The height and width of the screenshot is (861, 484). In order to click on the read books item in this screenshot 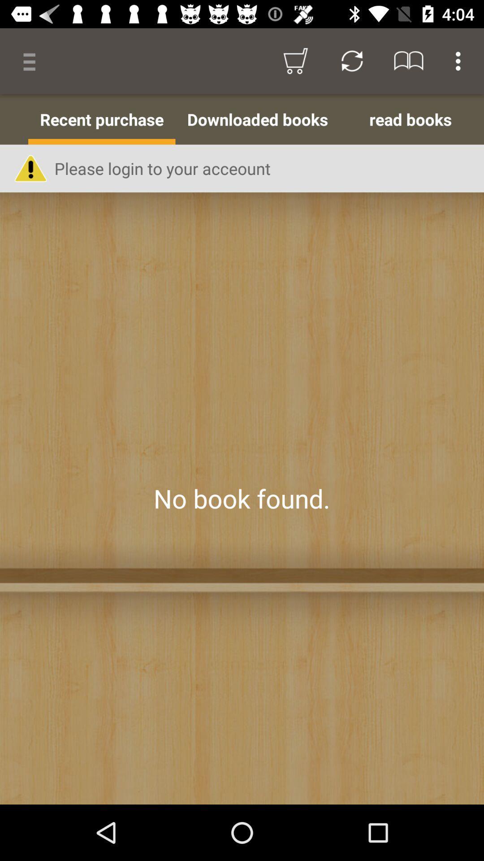, I will do `click(410, 119)`.